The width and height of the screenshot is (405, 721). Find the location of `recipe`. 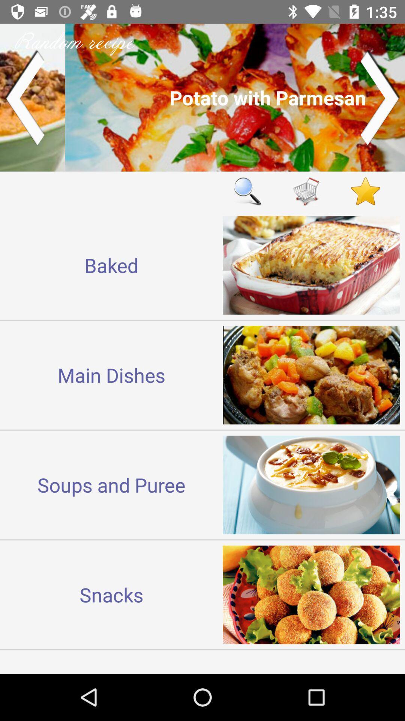

recipe is located at coordinates (202, 97).